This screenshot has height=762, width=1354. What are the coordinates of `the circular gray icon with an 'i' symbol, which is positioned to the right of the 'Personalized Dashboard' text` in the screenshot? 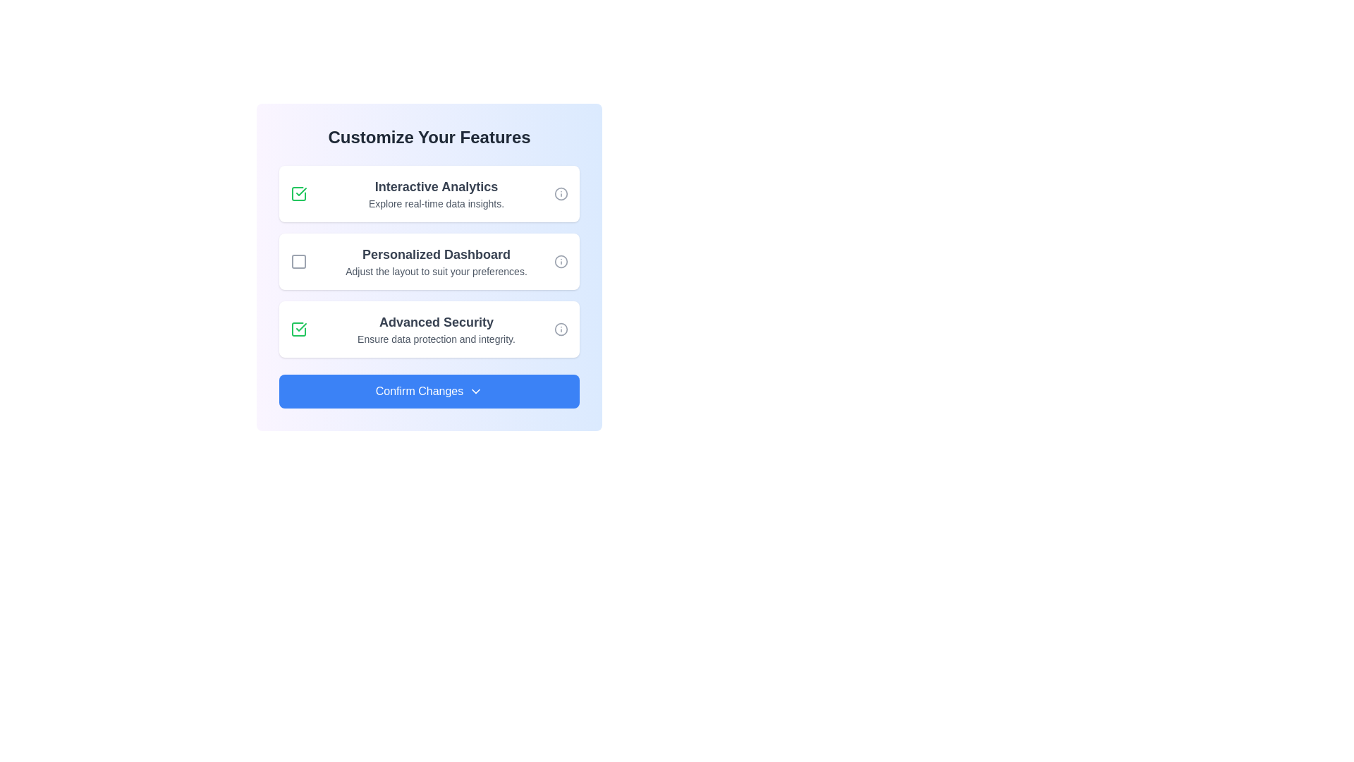 It's located at (561, 261).